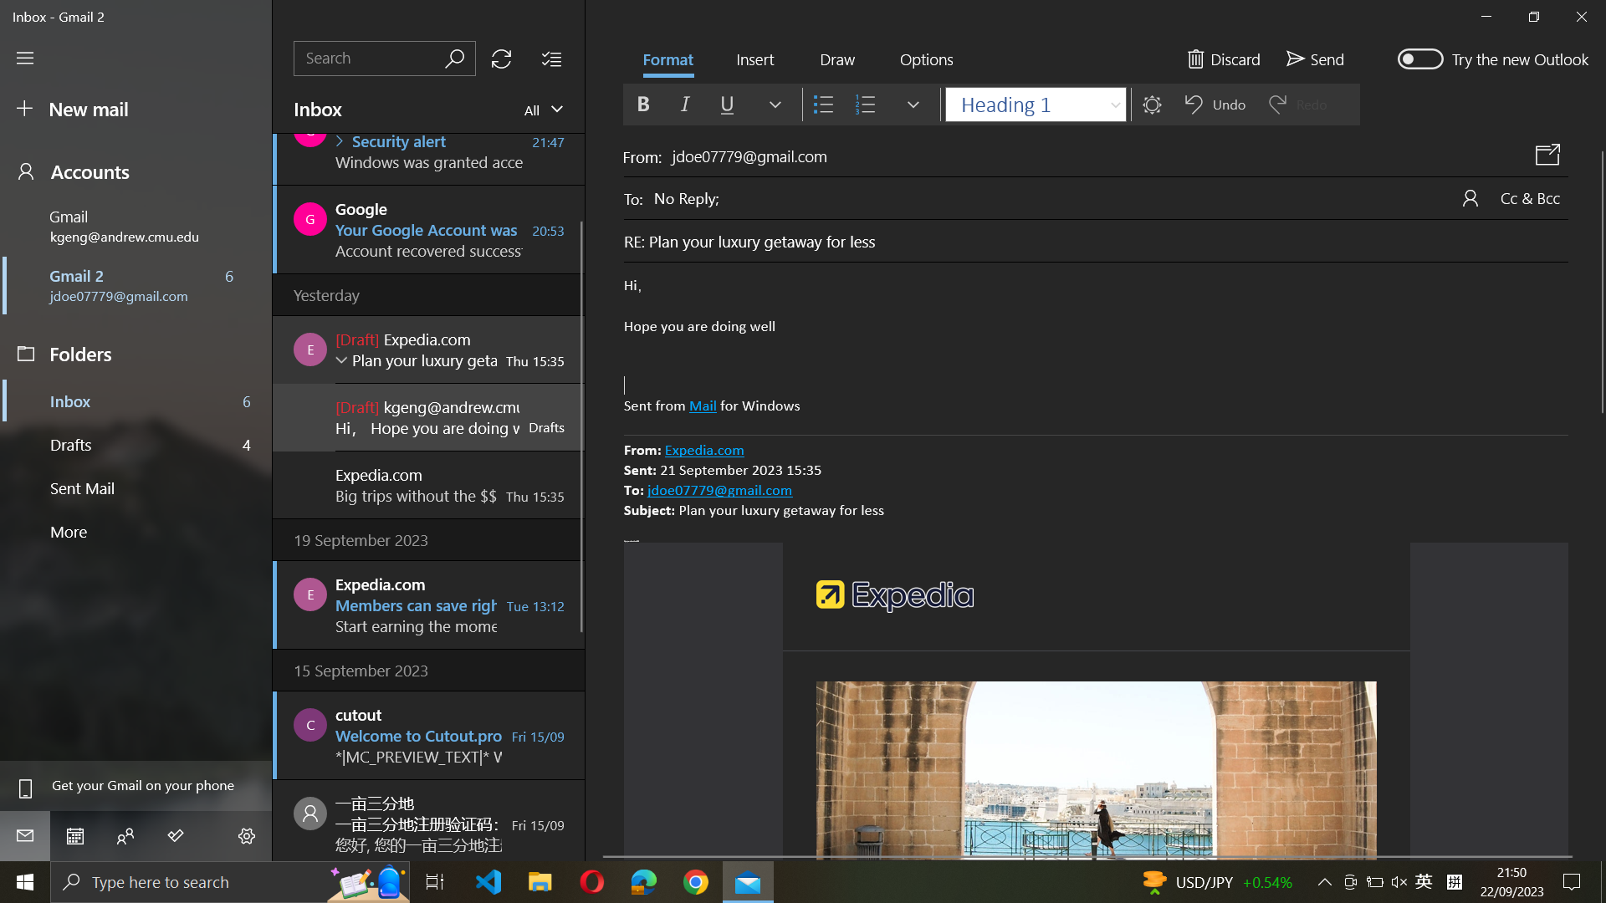 This screenshot has width=1606, height=903. Describe the element at coordinates (1111, 196) in the screenshot. I see `the email receiver to "john@example.com` at that location.